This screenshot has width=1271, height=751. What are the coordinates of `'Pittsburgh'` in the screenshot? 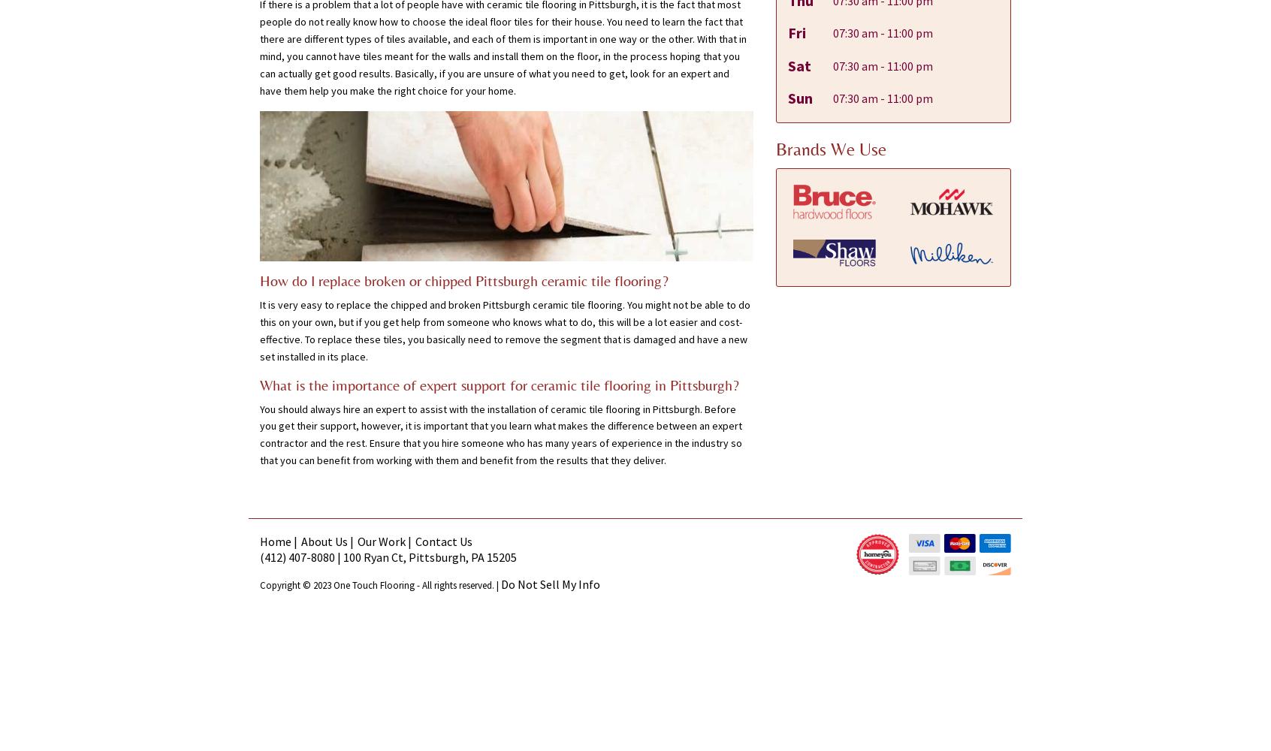 It's located at (436, 556).